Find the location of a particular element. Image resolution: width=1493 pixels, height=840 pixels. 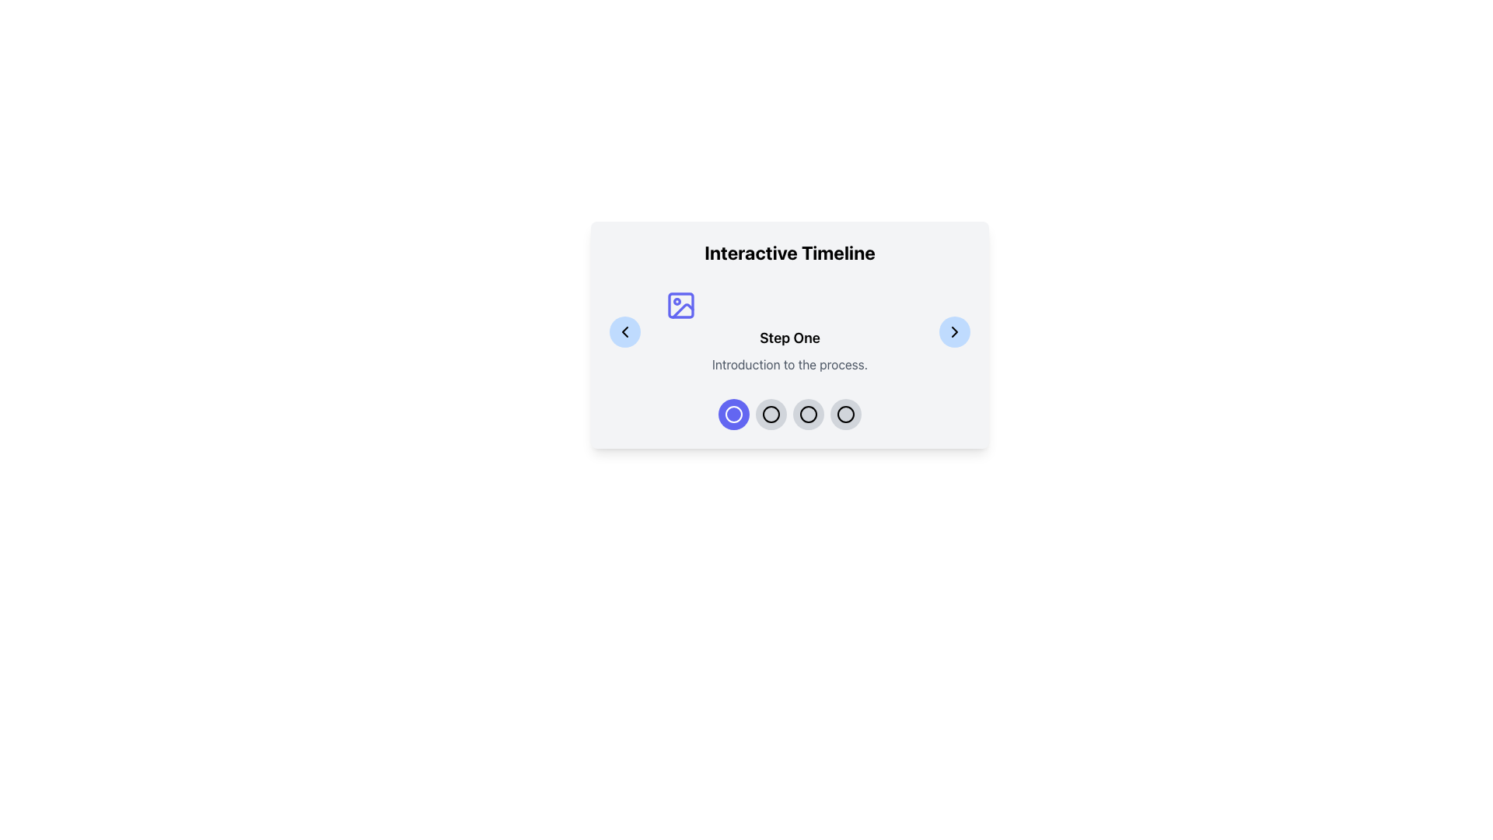

other steps via the surrounding controls of the information panel displaying 'Step One' and its subtitle 'Introduction to the process.' is located at coordinates (790, 331).